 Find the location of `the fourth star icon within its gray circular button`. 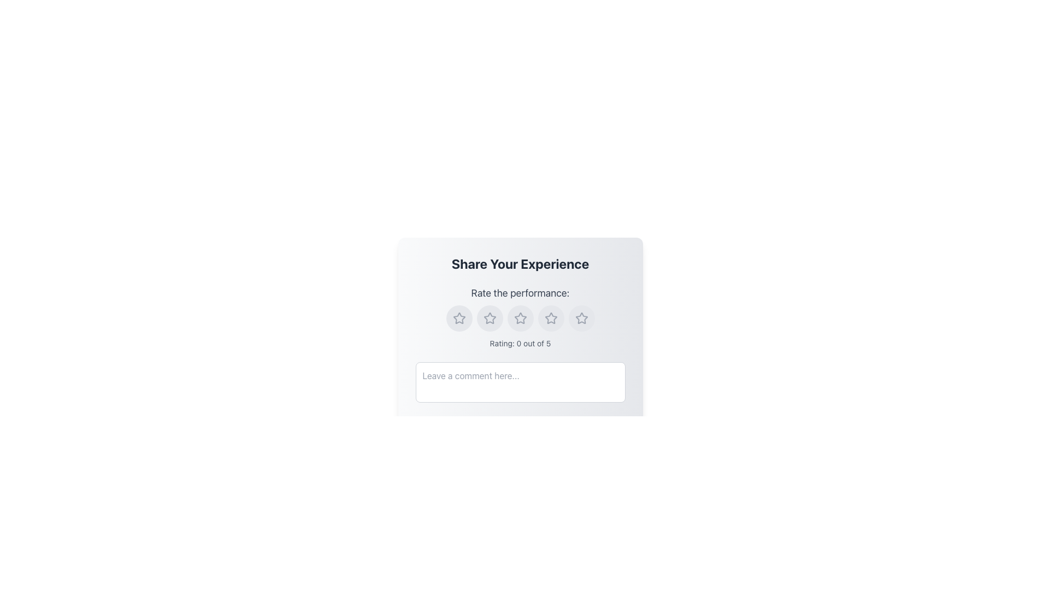

the fourth star icon within its gray circular button is located at coordinates (551, 318).